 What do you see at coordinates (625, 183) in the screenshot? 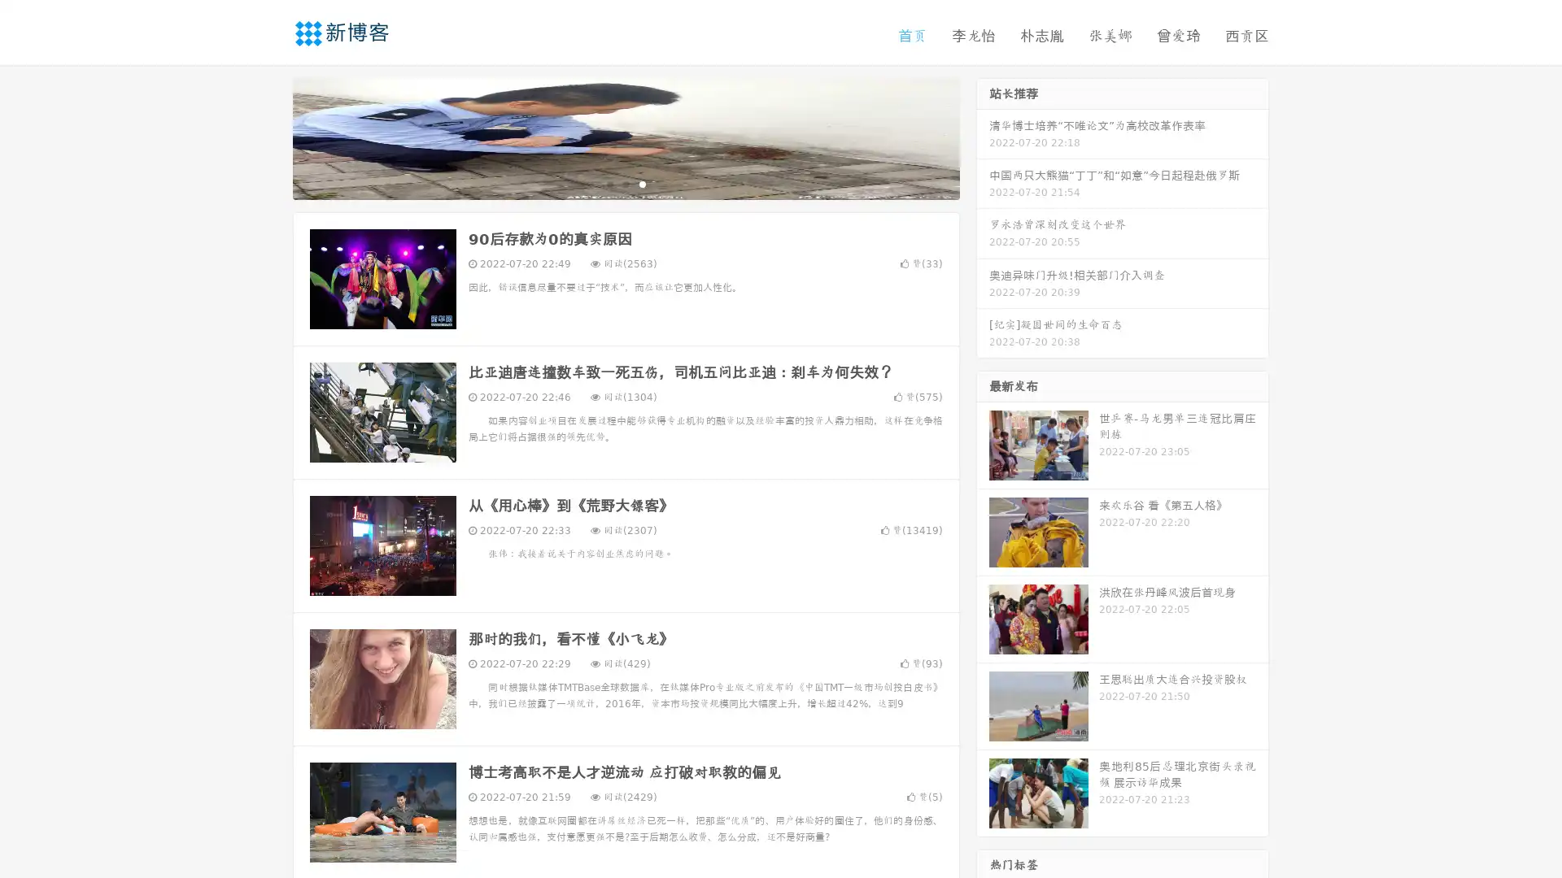
I see `Go to slide 2` at bounding box center [625, 183].